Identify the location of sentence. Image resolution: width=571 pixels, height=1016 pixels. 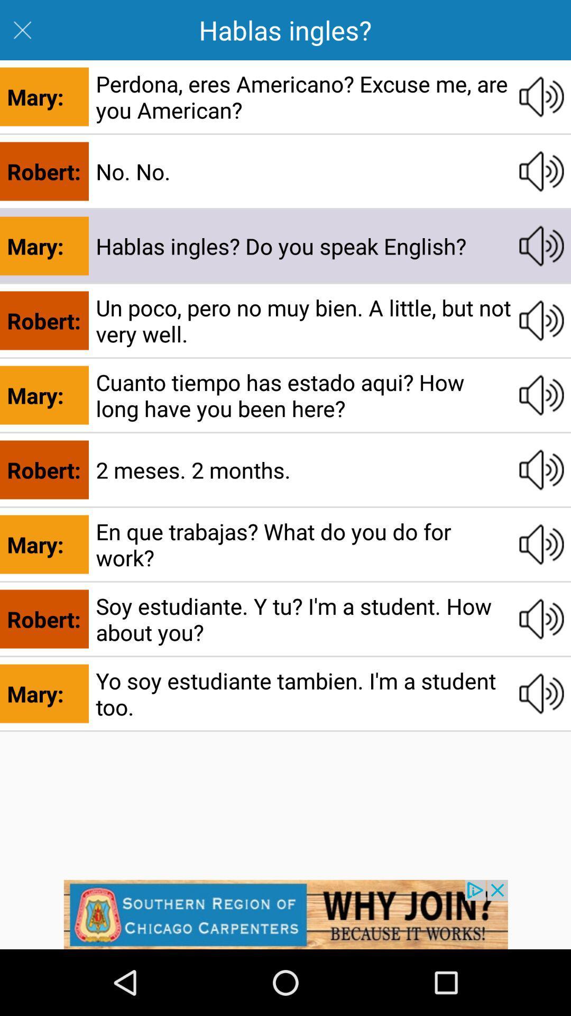
(541, 544).